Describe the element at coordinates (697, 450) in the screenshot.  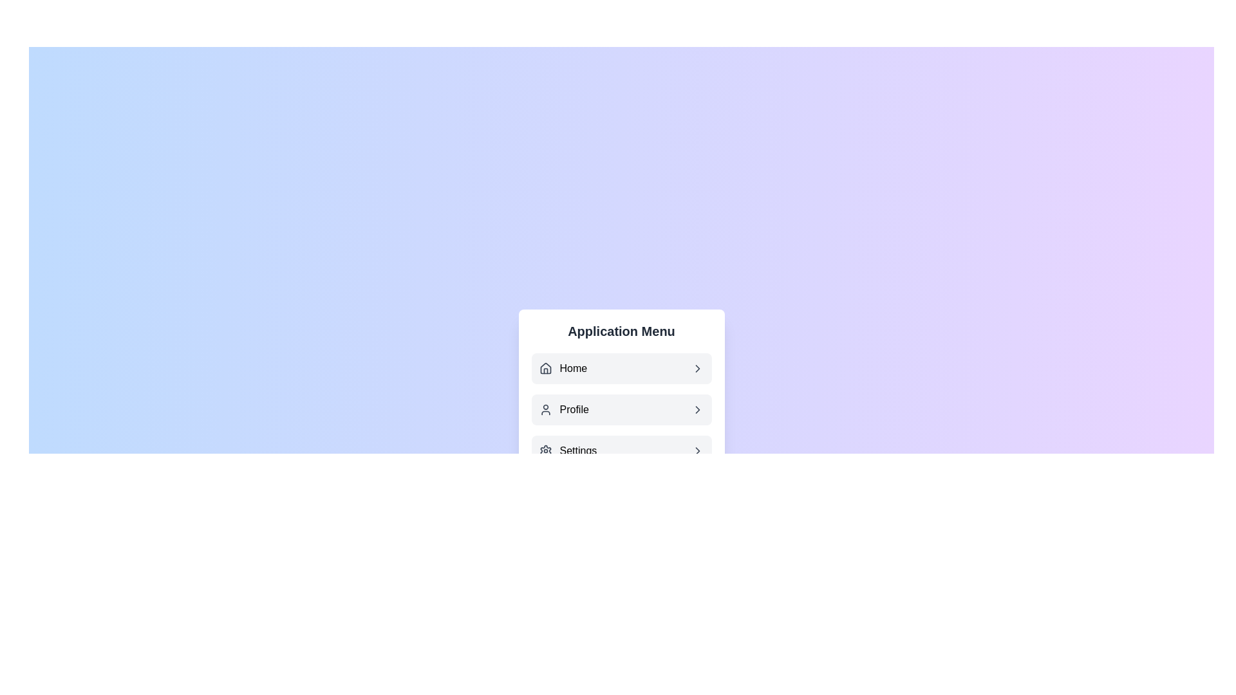
I see `the rightward-pointing gray chevron icon located to the far-right of the 'Settings' option in the application menu` at that location.